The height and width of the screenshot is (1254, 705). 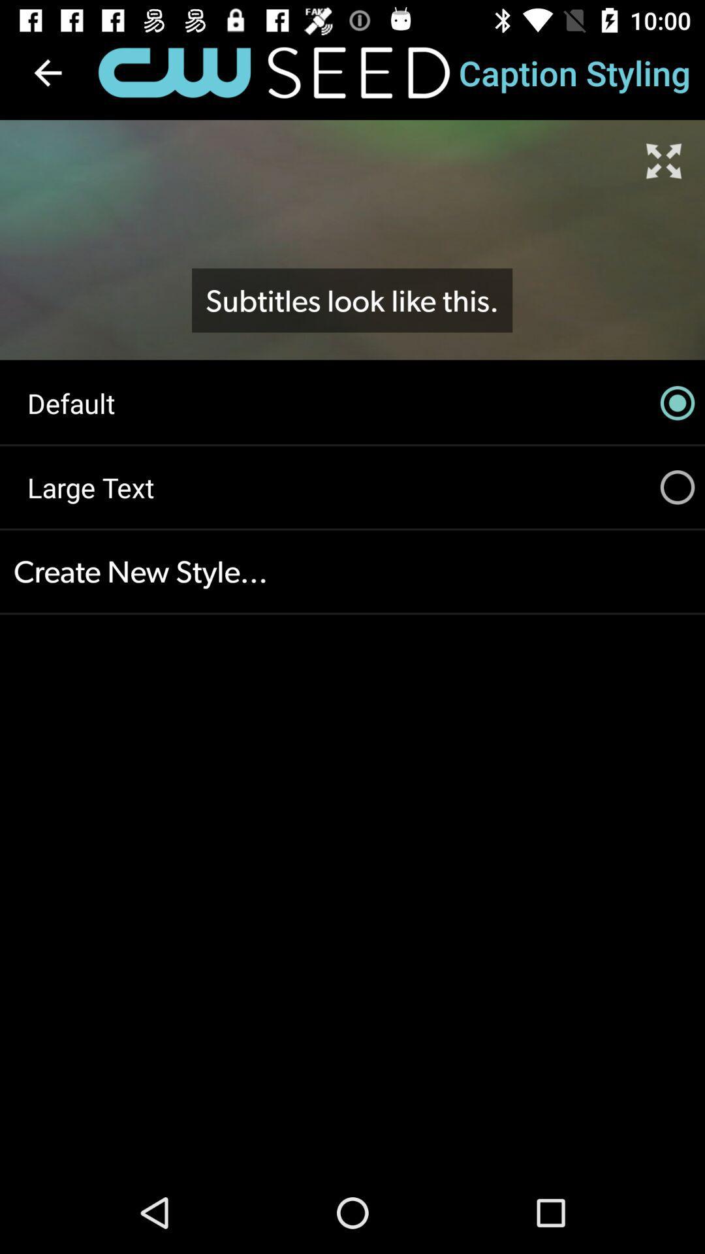 I want to click on subtitles look like icon, so click(x=351, y=300).